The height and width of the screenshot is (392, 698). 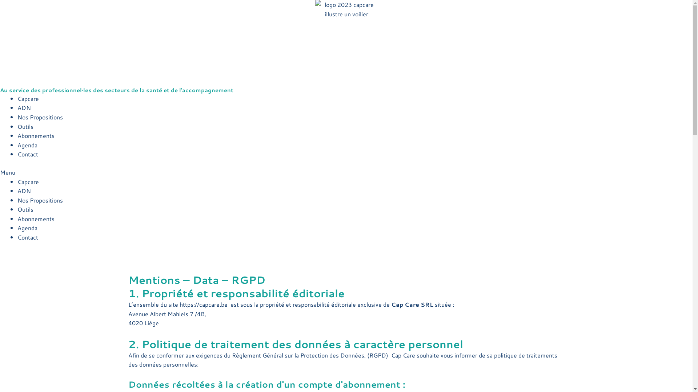 What do you see at coordinates (17, 181) in the screenshot?
I see `'Capcare'` at bounding box center [17, 181].